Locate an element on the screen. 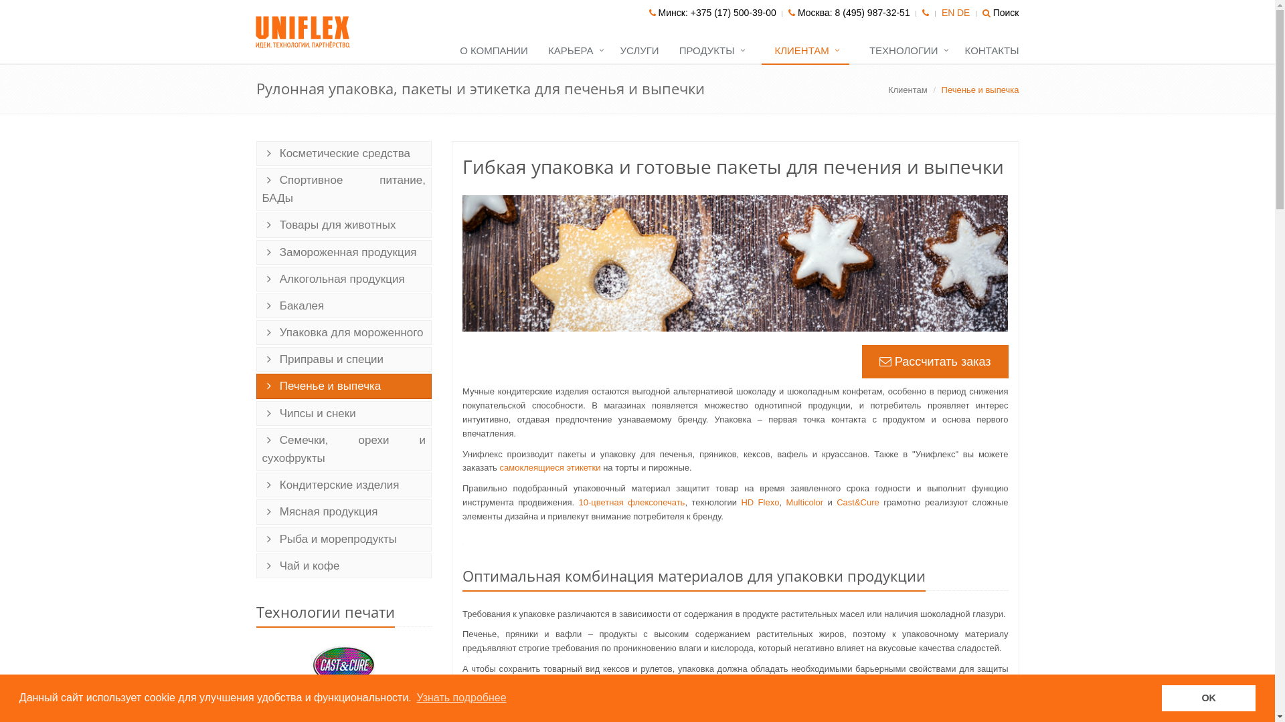  'Home' is located at coordinates (303, 31).